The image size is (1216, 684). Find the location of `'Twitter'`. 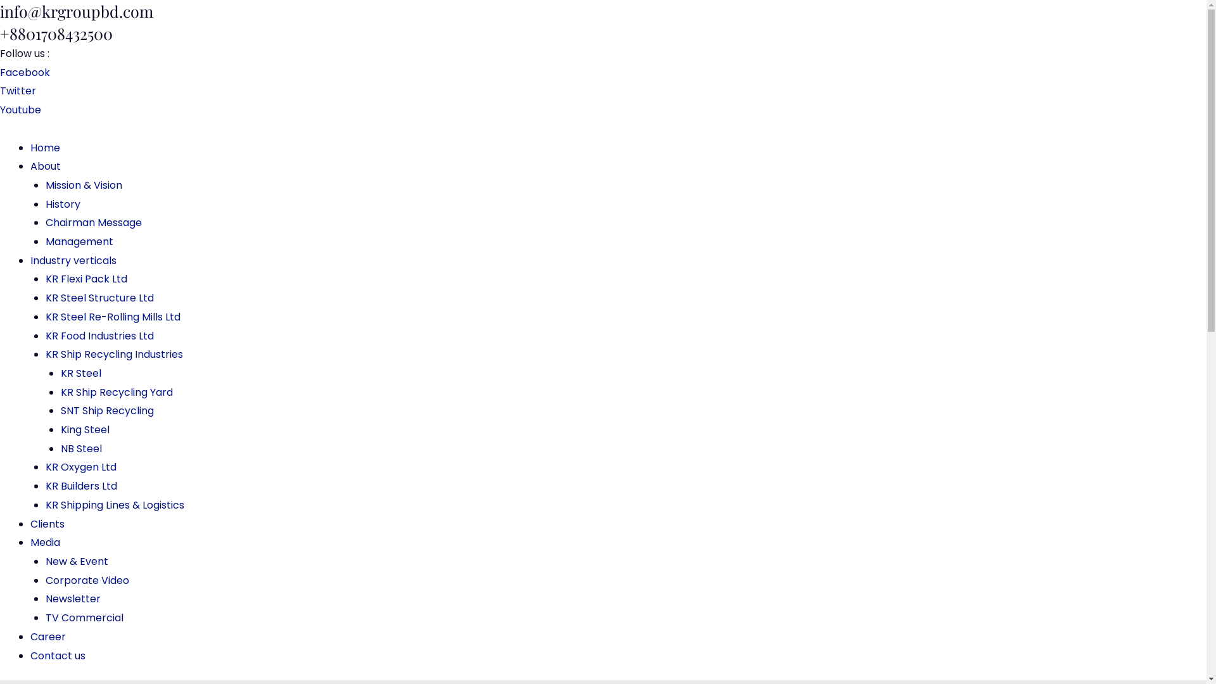

'Twitter' is located at coordinates (18, 90).